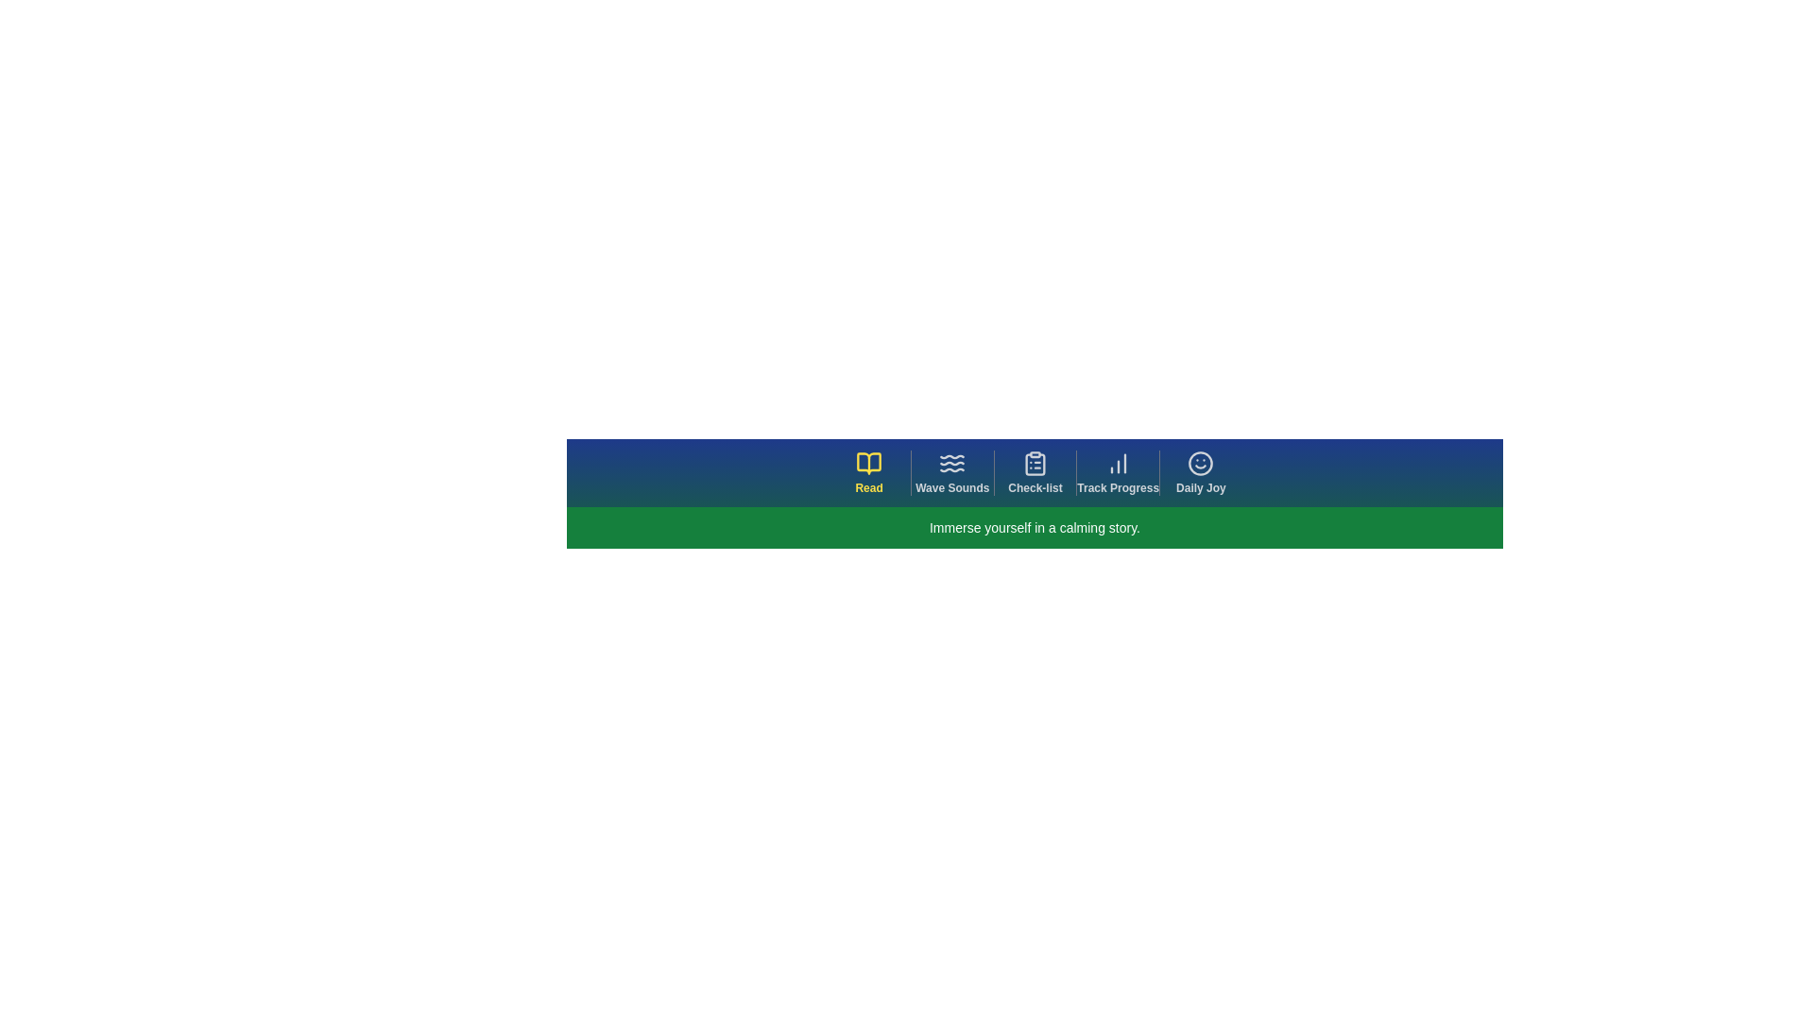 Image resolution: width=1814 pixels, height=1020 pixels. Describe the element at coordinates (1034, 472) in the screenshot. I see `the navigation tab labeled Check-list` at that location.